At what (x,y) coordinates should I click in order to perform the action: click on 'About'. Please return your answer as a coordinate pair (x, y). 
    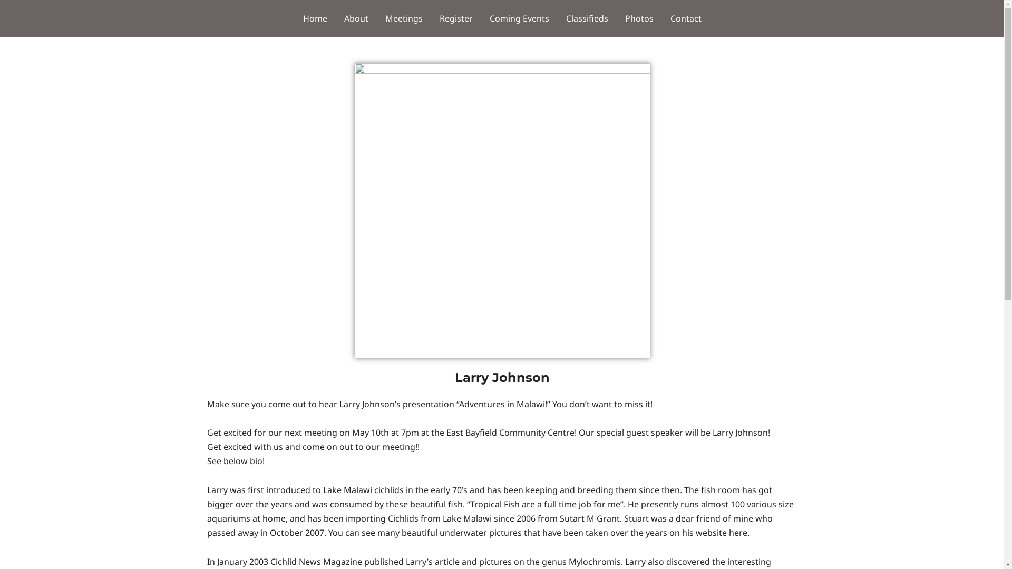
    Looking at the image, I should click on (356, 18).